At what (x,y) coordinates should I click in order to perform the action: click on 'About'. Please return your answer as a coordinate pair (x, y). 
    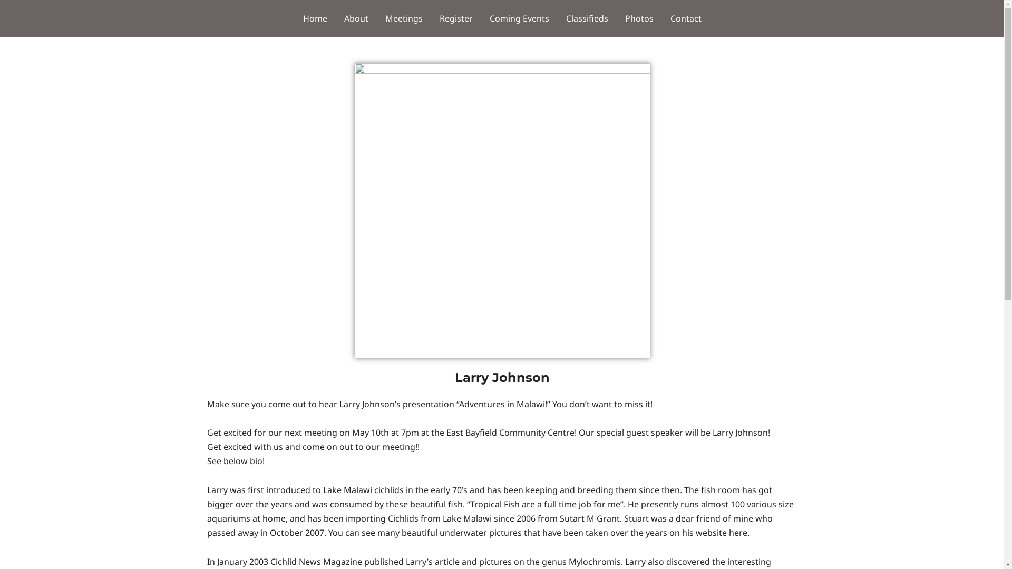
    Looking at the image, I should click on (356, 18).